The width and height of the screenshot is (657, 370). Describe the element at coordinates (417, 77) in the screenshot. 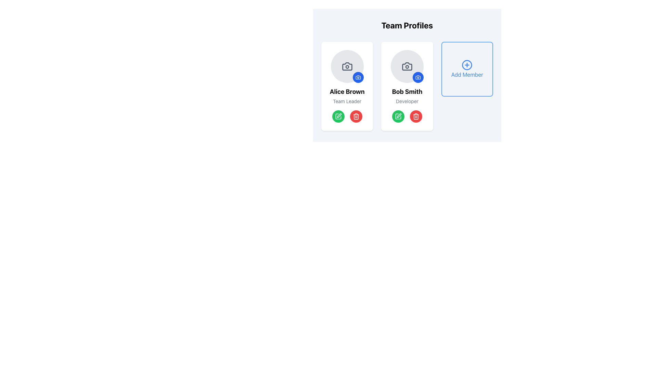

I see `the button that allows users to upload or change the profile picture for Bob Smith, located at the bottom-right corner of the profile card in the 'Team Profiles' section` at that location.